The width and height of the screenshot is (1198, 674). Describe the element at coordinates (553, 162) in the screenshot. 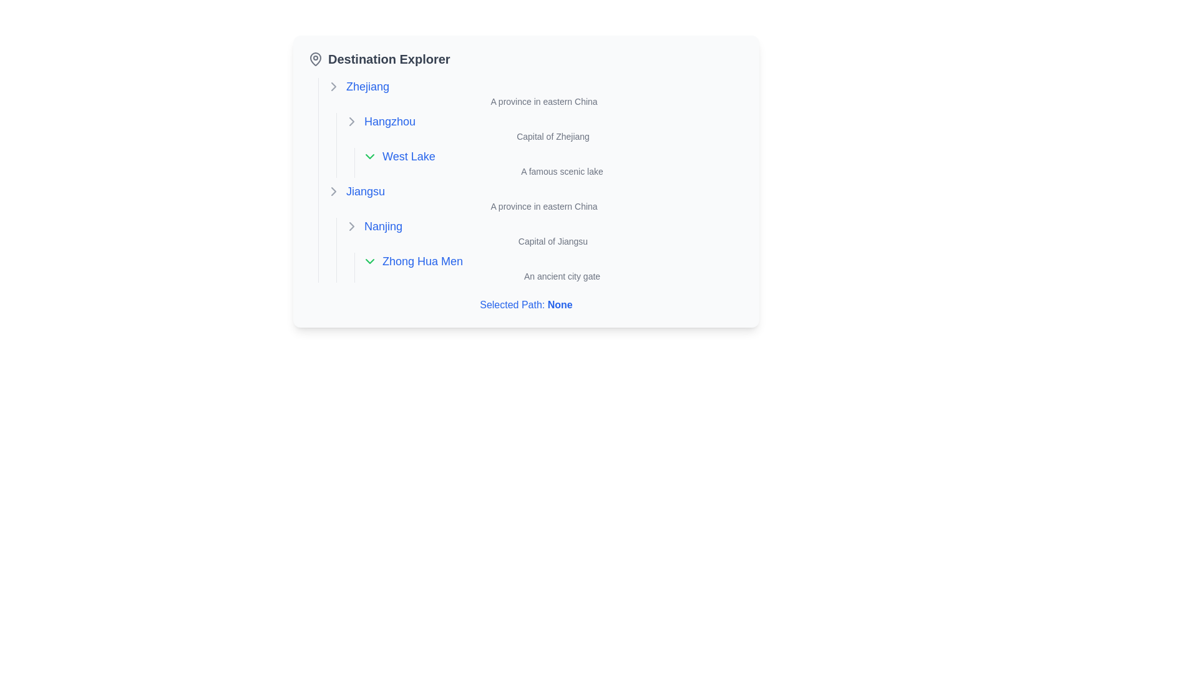

I see `description text of the Composite text block for 'West Lake' located in the 'Destination Explorer' tree view under 'Hangzhou'` at that location.